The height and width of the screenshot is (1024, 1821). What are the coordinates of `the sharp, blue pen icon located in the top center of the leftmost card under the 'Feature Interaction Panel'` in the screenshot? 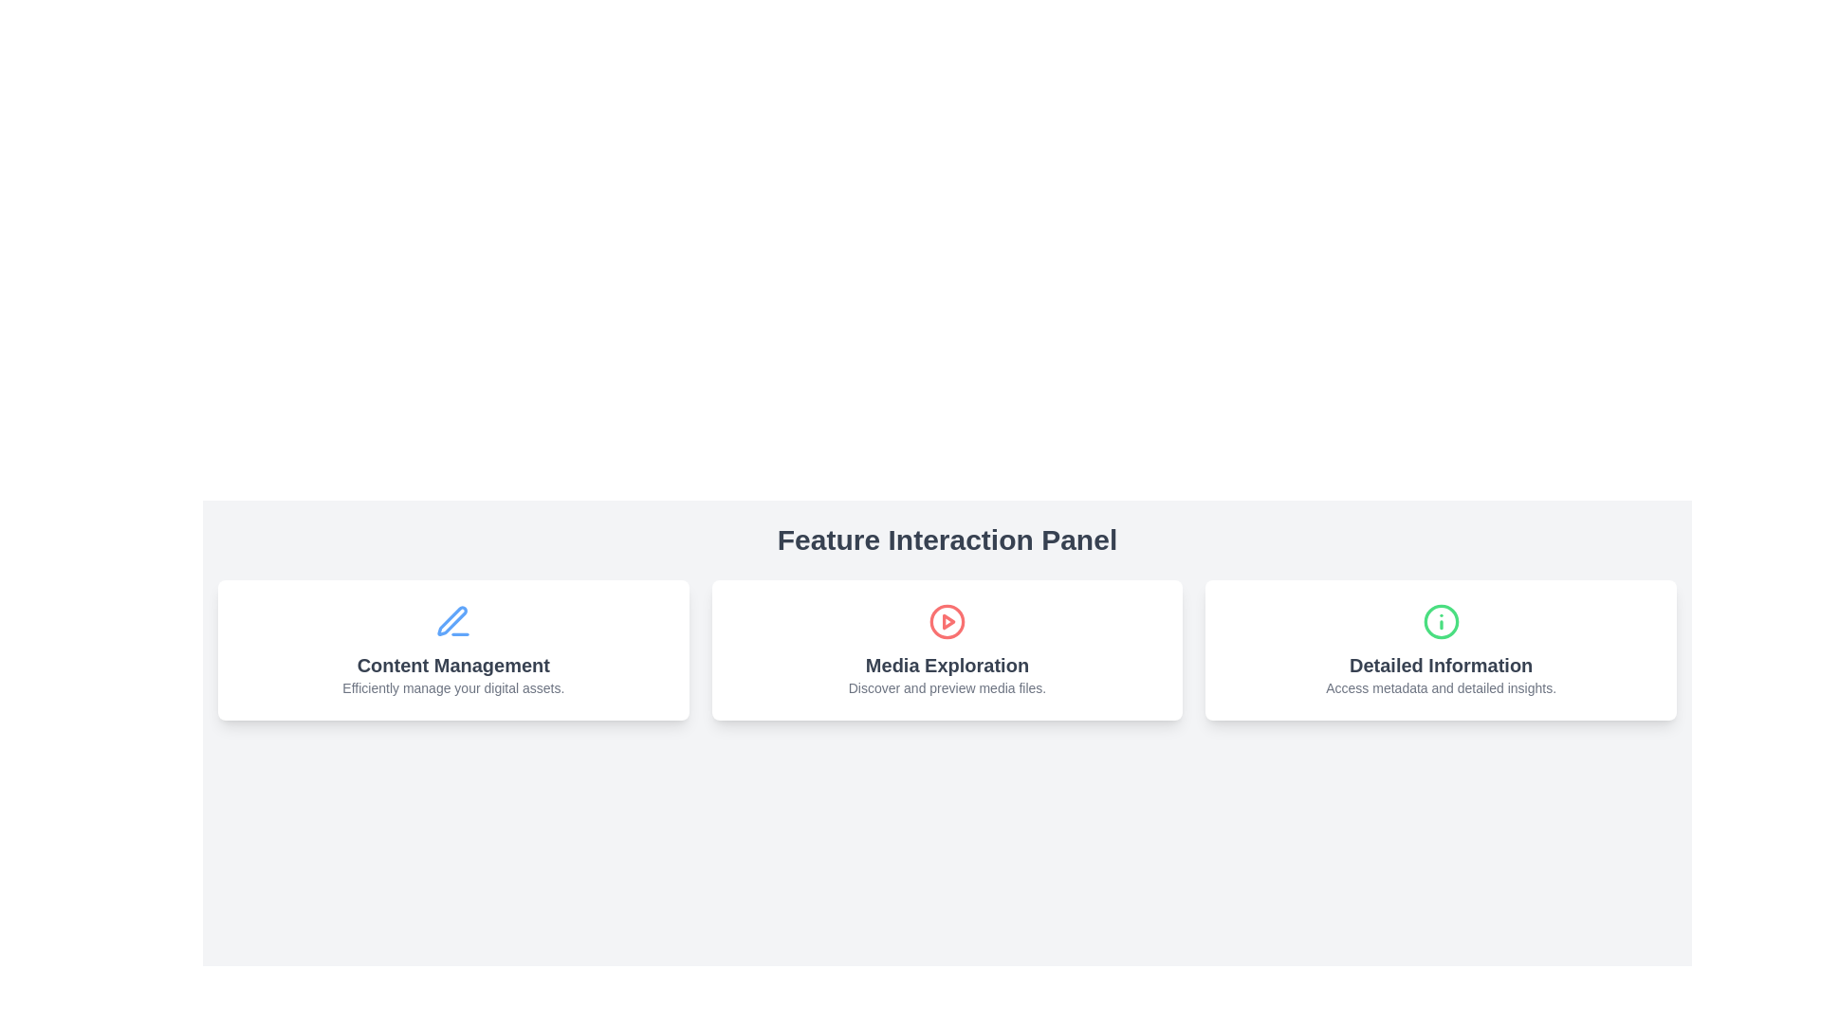 It's located at (451, 621).